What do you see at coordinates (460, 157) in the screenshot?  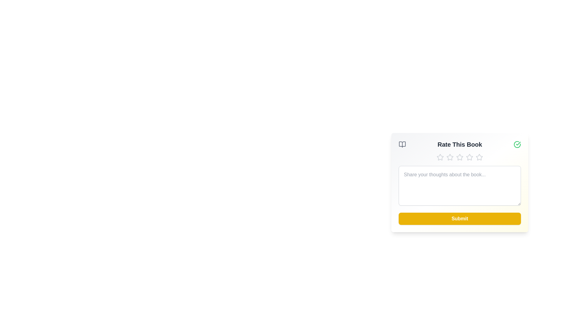 I see `the star corresponding to 3 to set the rating` at bounding box center [460, 157].